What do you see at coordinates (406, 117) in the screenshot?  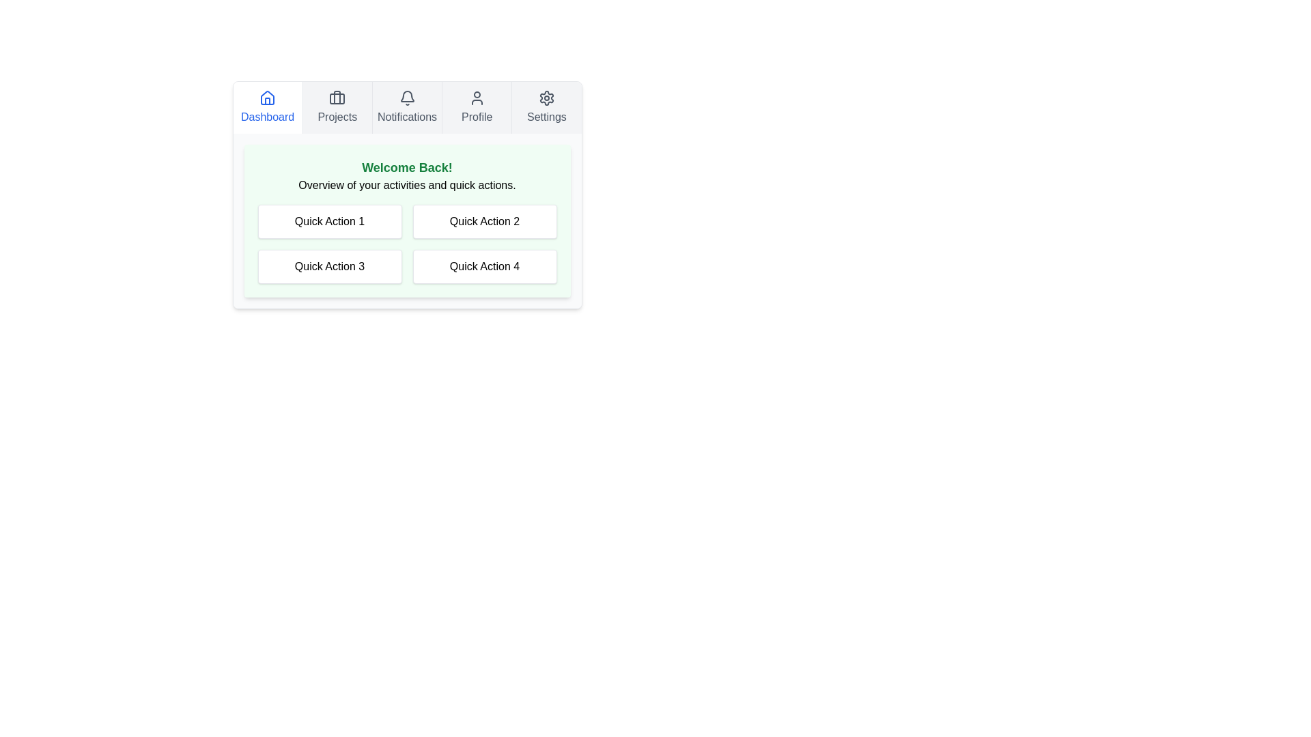 I see `the 'Notifications' text label in the navigation bar` at bounding box center [406, 117].